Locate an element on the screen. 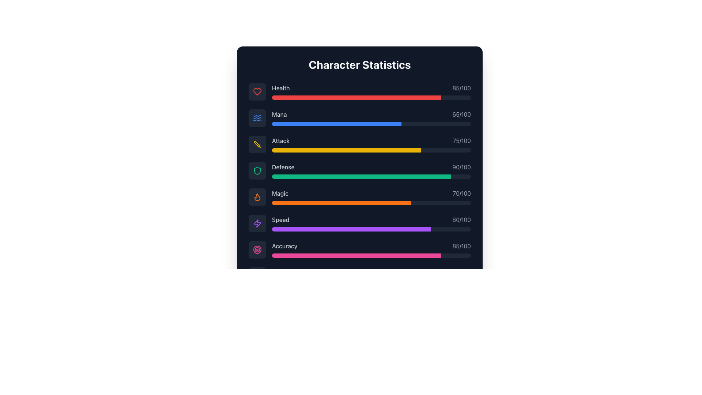 Image resolution: width=702 pixels, height=395 pixels. the 'Accuracy' text label, which displays '85/100' in a light gray font, positioned at the bottom of a list of statistics is located at coordinates (284, 246).